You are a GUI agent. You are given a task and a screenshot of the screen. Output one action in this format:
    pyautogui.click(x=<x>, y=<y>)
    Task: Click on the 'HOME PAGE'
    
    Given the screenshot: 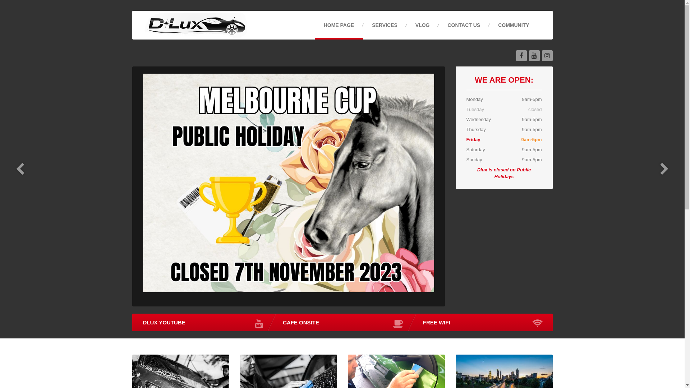 What is the action you would take?
    pyautogui.click(x=314, y=24)
    